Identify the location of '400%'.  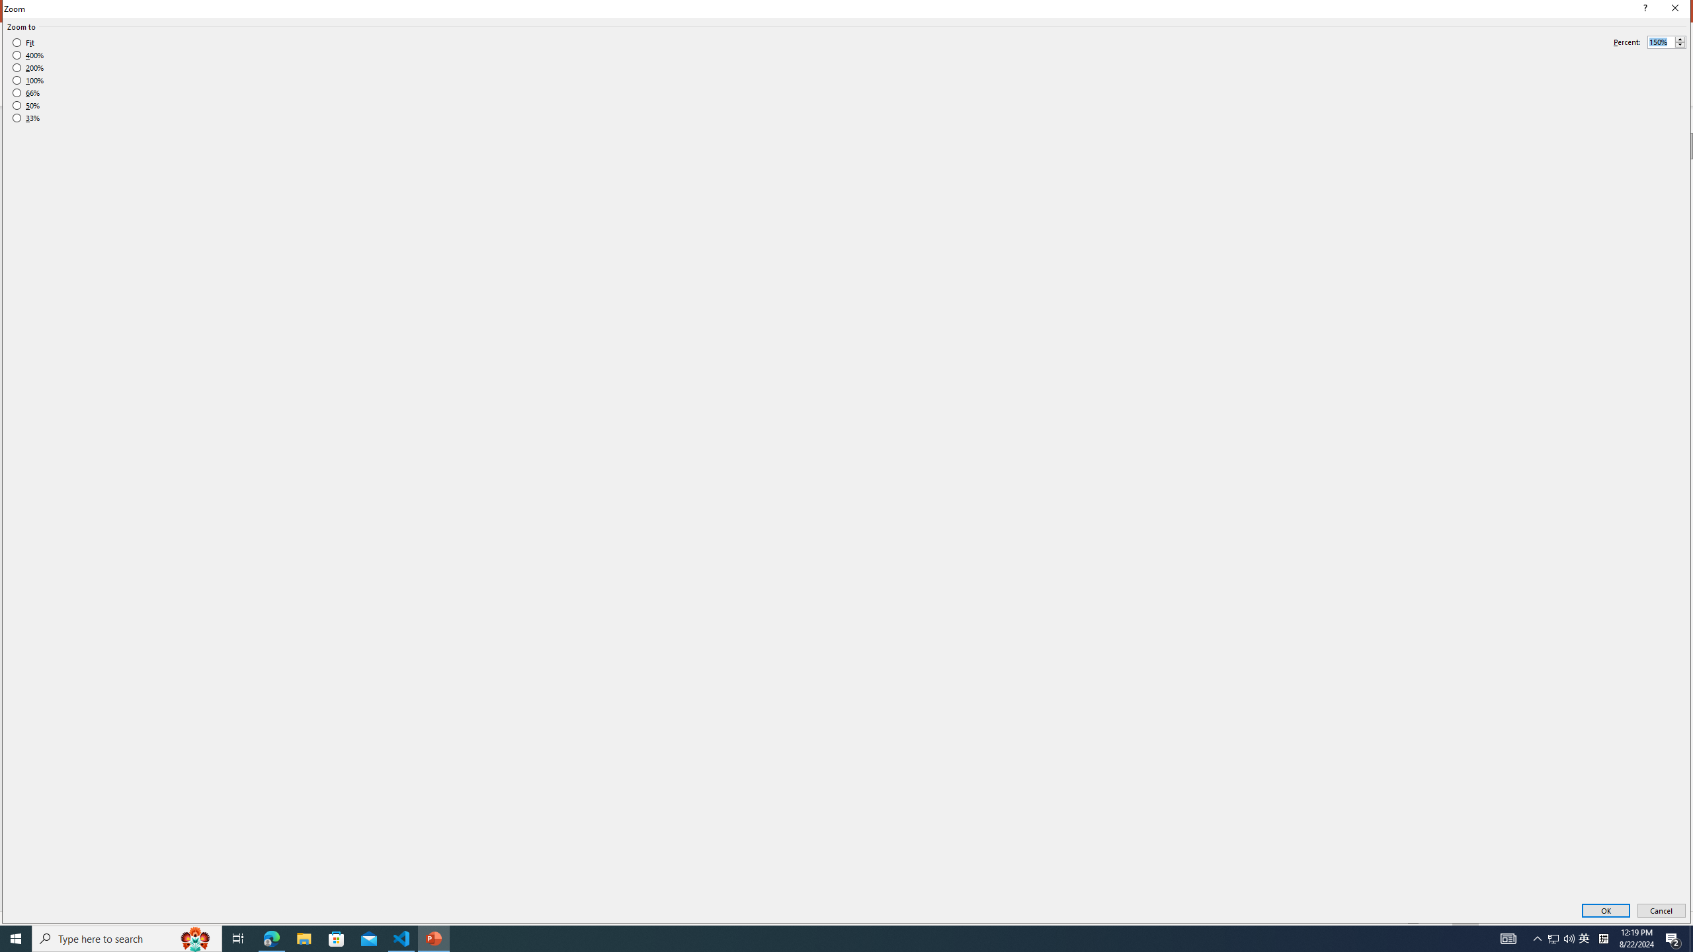
(28, 56).